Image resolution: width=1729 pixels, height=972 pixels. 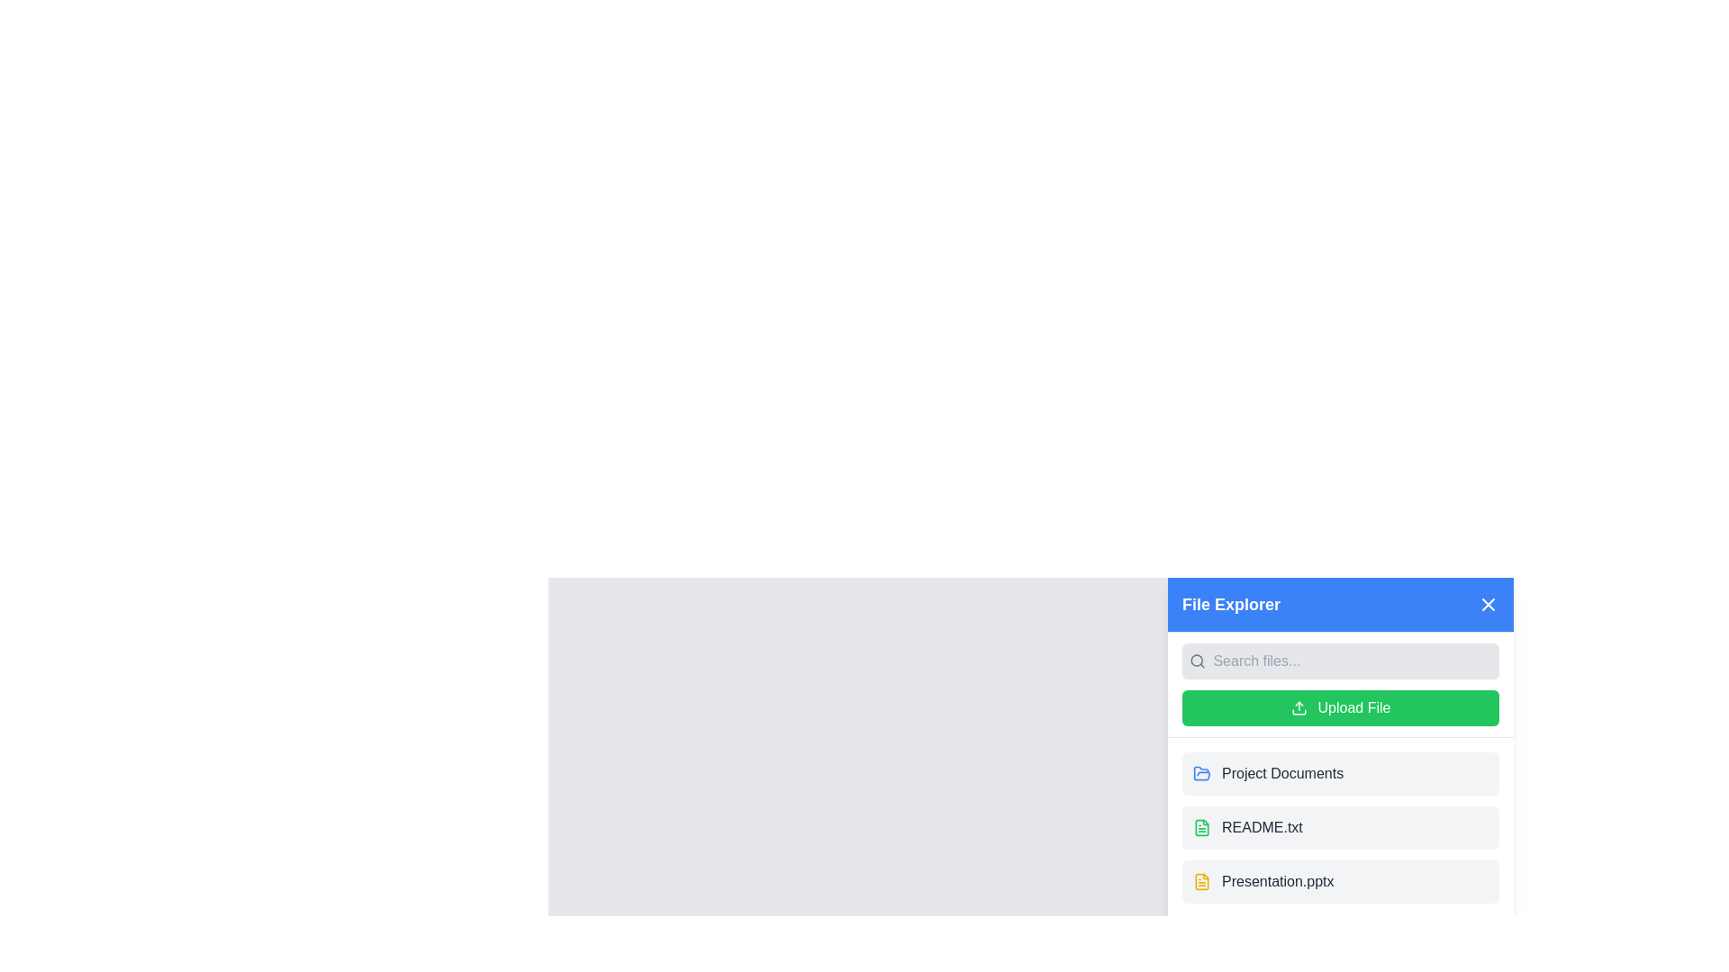 What do you see at coordinates (1340, 880) in the screenshot?
I see `the 'Presentation.pptx' file item` at bounding box center [1340, 880].